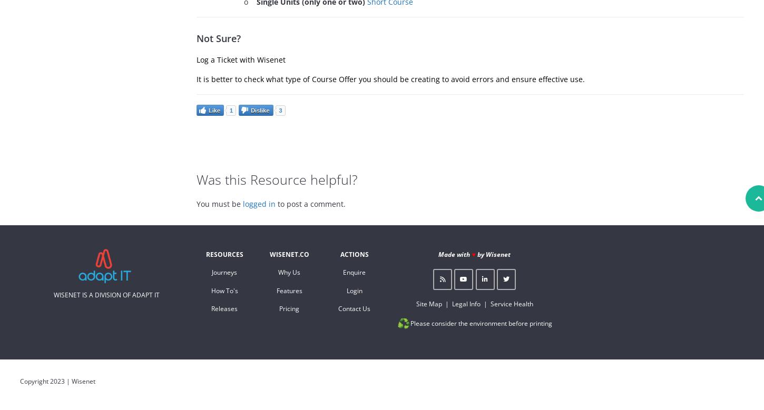 Image resolution: width=764 pixels, height=410 pixels. What do you see at coordinates (450, 303) in the screenshot?
I see `'Legal Info'` at bounding box center [450, 303].